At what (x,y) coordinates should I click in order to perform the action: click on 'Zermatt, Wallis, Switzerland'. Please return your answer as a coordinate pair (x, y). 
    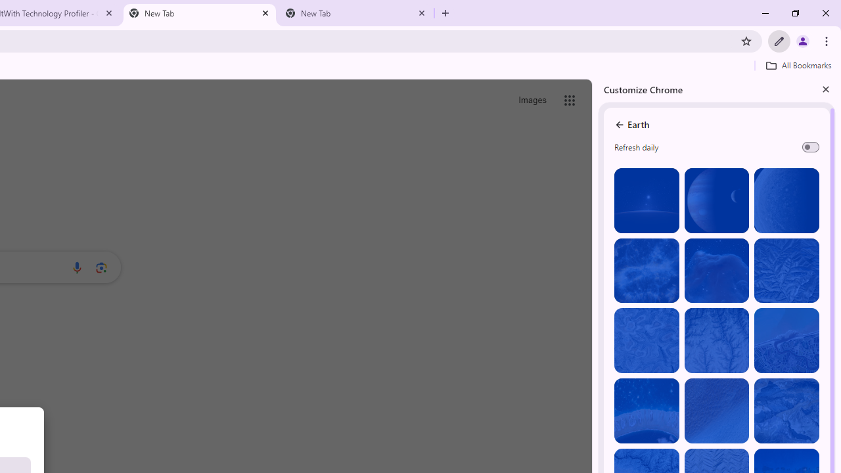
    Looking at the image, I should click on (786, 410).